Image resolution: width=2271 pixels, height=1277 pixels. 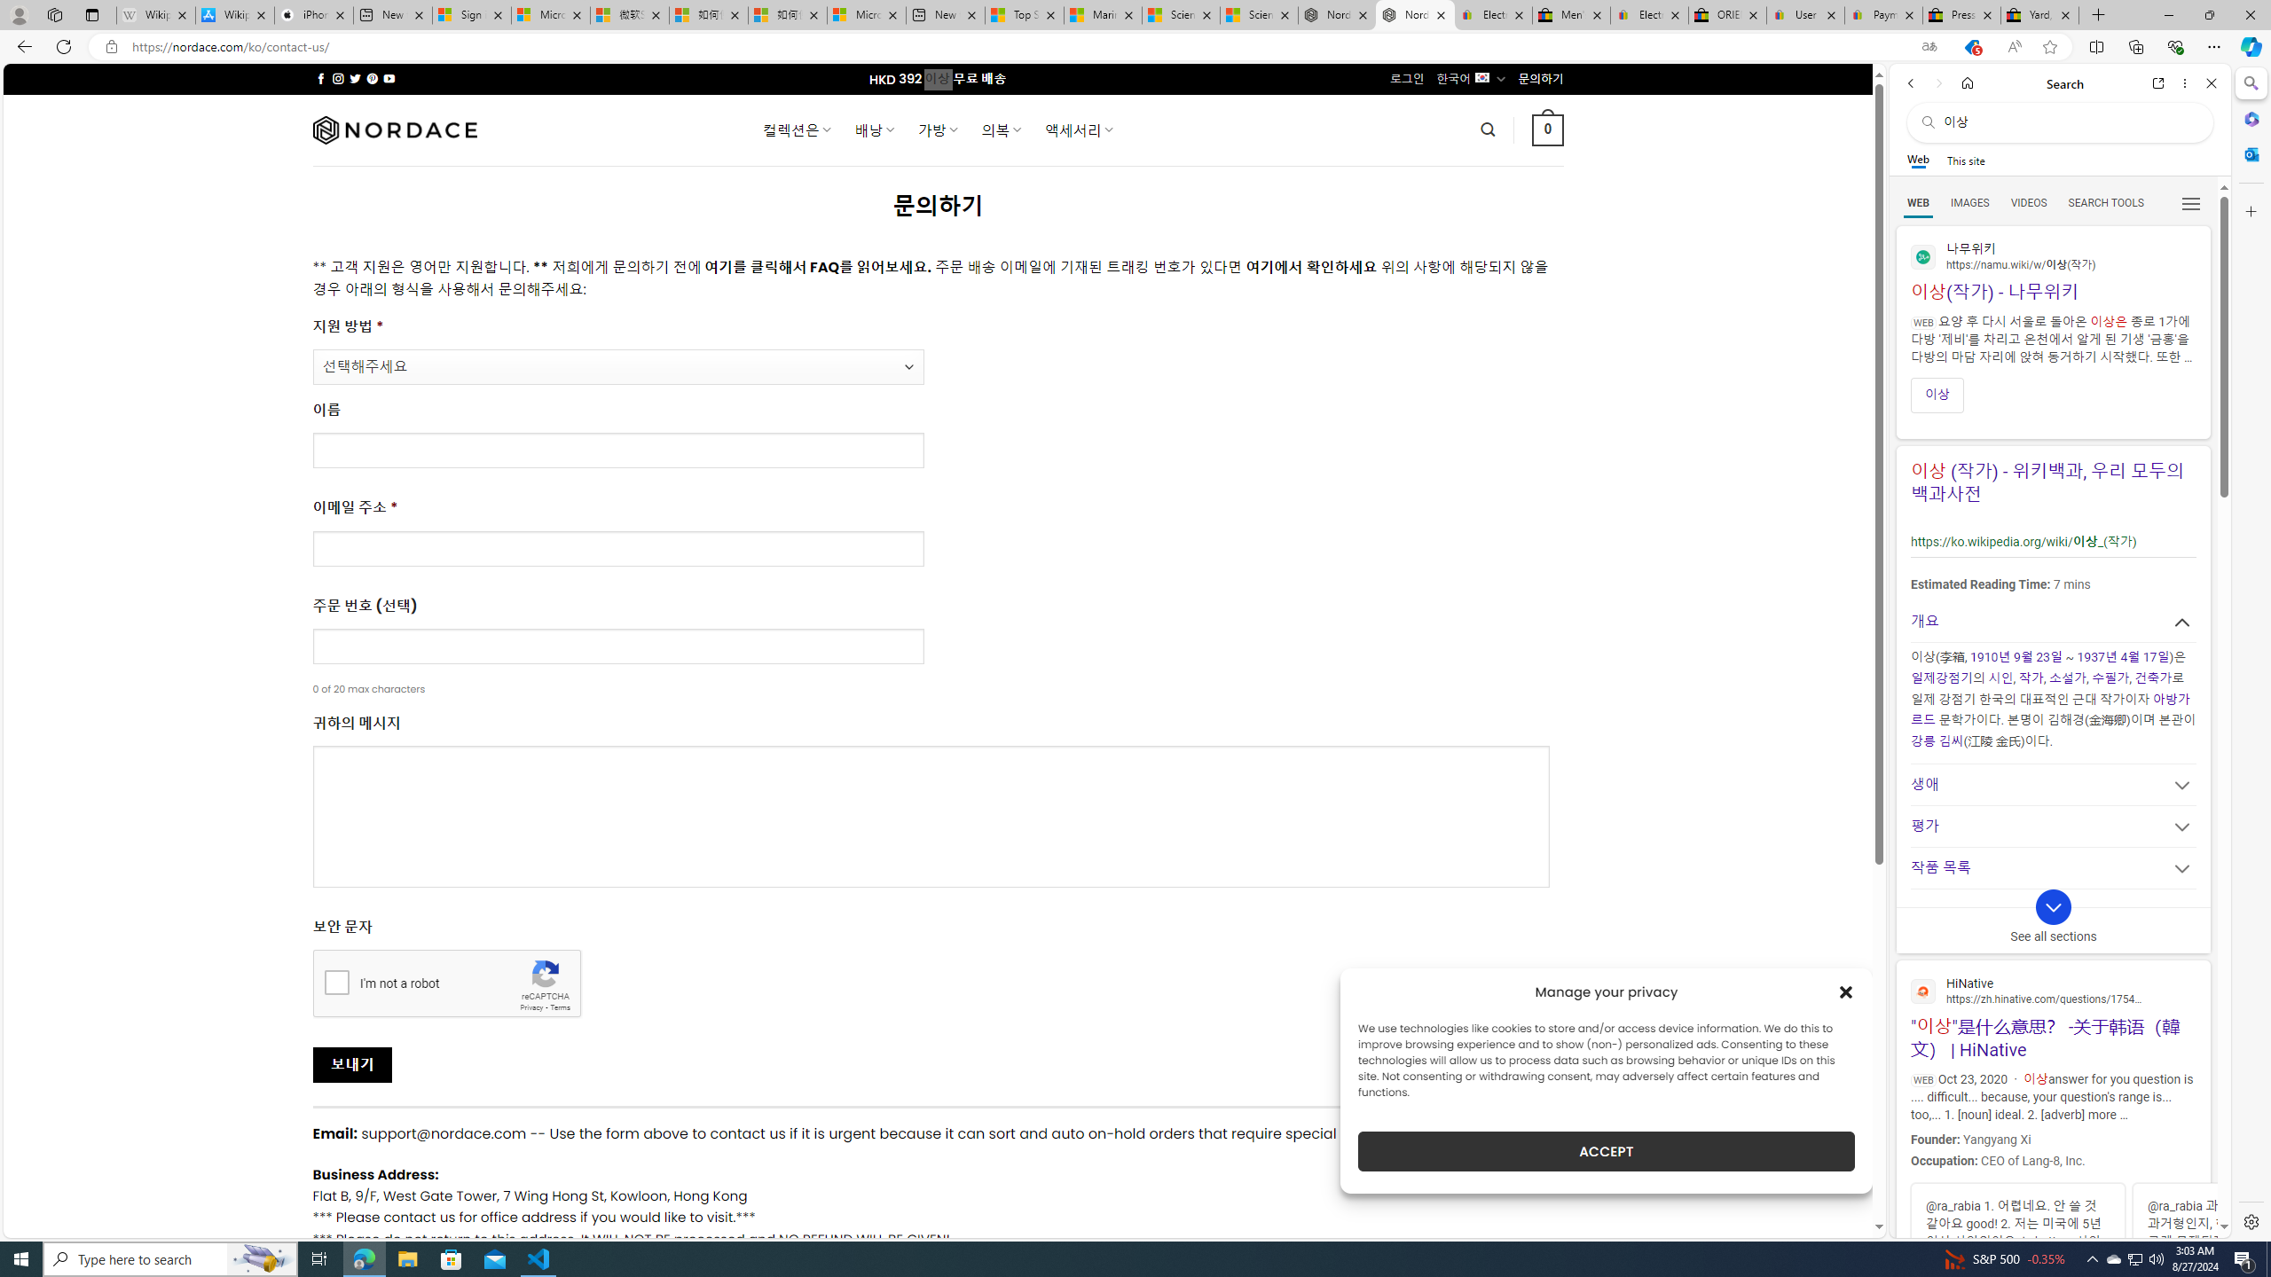 What do you see at coordinates (2190, 201) in the screenshot?
I see `'Preferences'` at bounding box center [2190, 201].